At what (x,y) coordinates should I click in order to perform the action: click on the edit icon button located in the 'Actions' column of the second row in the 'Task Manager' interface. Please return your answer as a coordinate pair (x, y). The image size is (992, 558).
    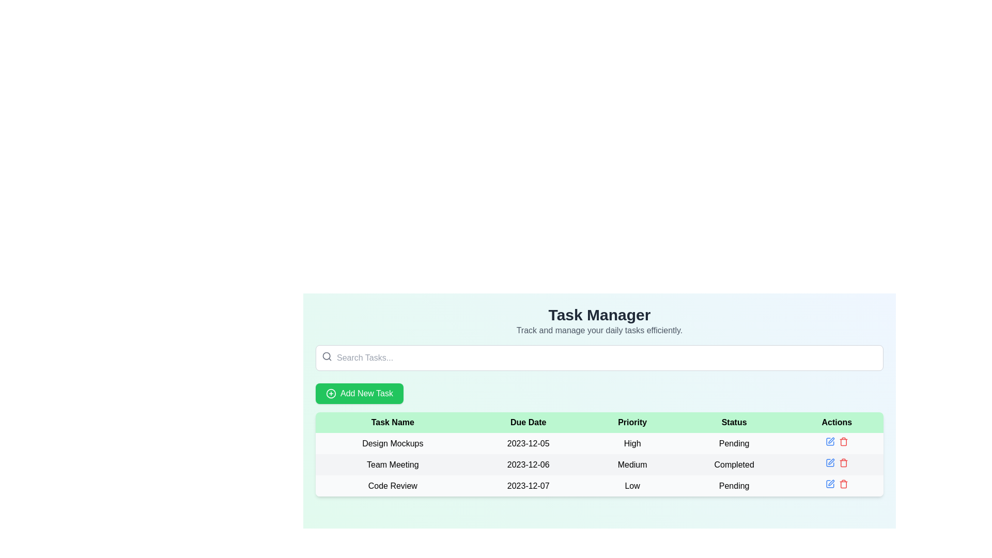
    Looking at the image, I should click on (831, 461).